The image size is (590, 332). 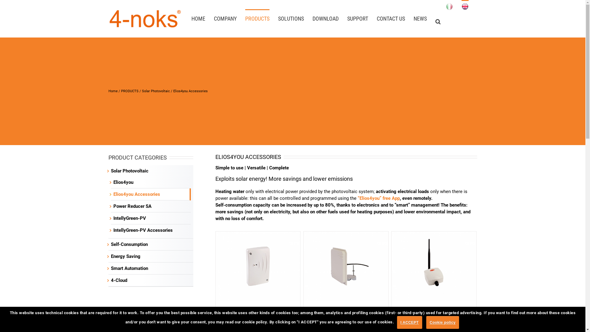 I want to click on 'CONTACT US', so click(x=391, y=18).